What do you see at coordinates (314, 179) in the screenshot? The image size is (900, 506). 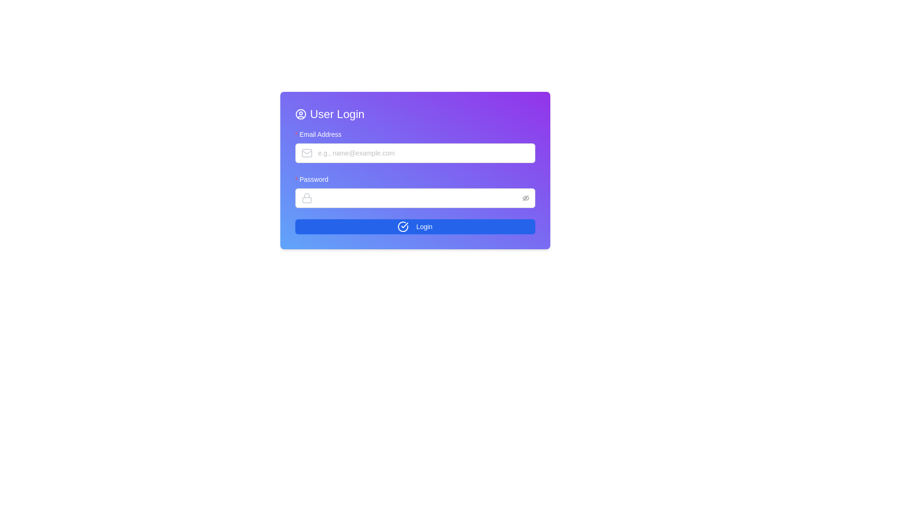 I see `the 'Password' text label, which is displayed in bold white font and is positioned above the password input field, to the right of a red asterisk indicating it's a required field` at bounding box center [314, 179].